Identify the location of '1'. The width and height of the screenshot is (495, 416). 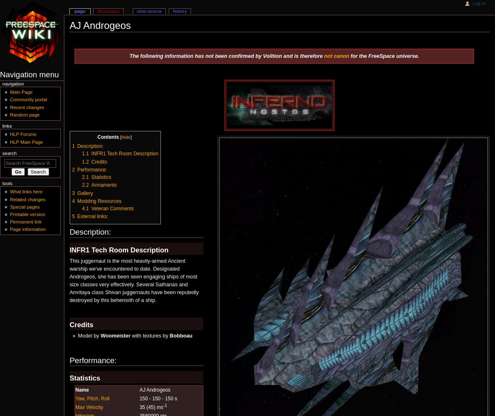
(71, 146).